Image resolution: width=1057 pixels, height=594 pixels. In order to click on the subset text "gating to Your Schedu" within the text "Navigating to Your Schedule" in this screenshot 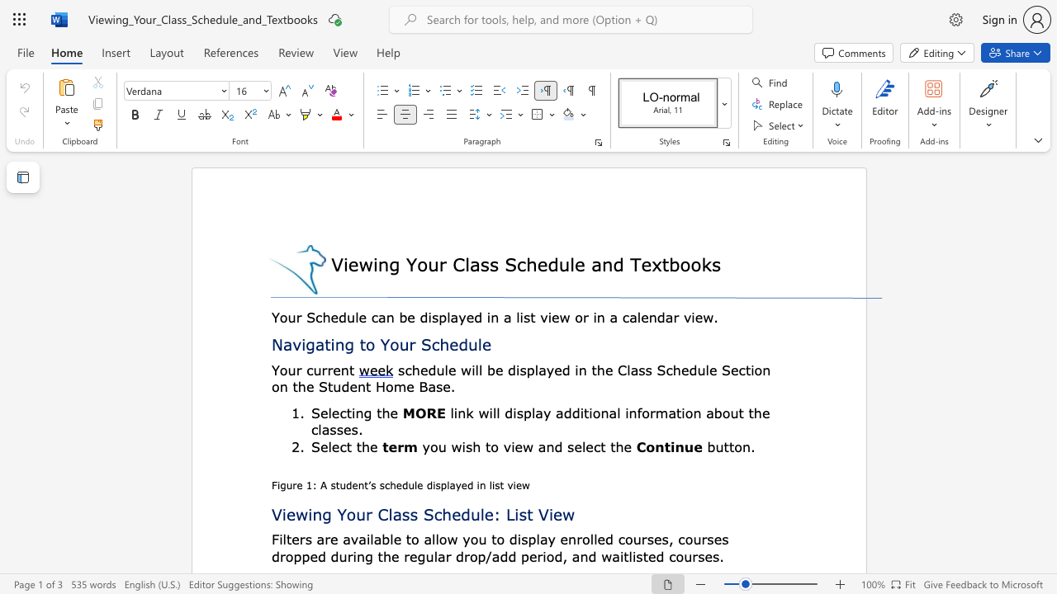, I will do `click(306, 343)`.